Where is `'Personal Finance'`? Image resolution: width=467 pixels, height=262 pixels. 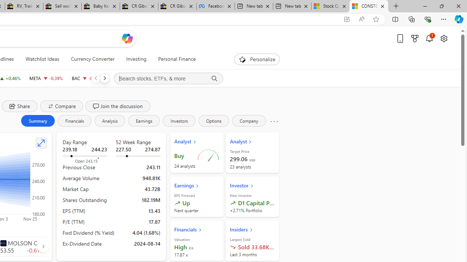 'Personal Finance' is located at coordinates (177, 59).